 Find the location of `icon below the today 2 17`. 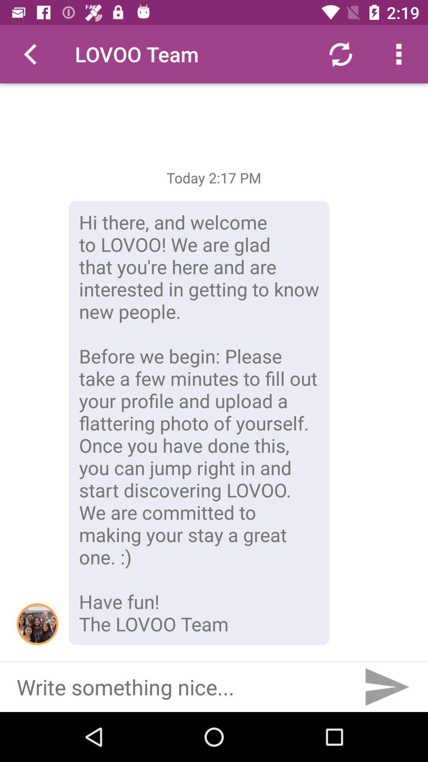

icon below the today 2 17 is located at coordinates (199, 422).